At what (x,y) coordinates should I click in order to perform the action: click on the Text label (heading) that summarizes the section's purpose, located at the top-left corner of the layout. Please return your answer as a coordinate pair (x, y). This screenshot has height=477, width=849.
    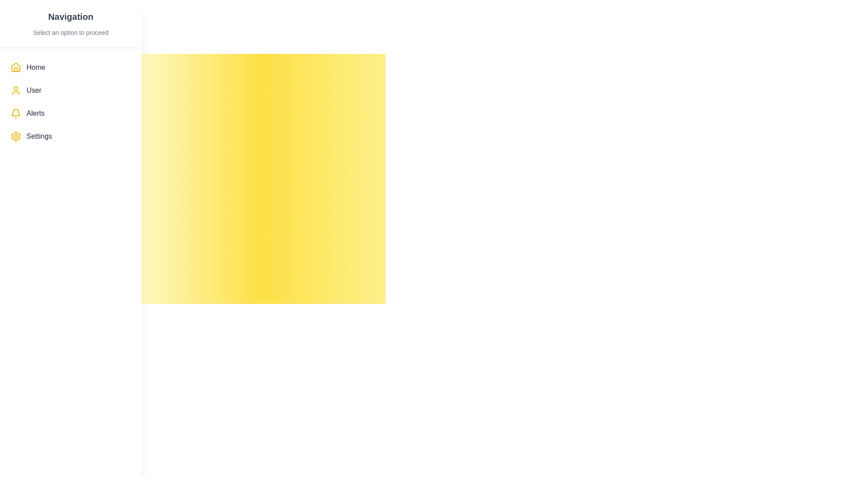
    Looking at the image, I should click on (70, 17).